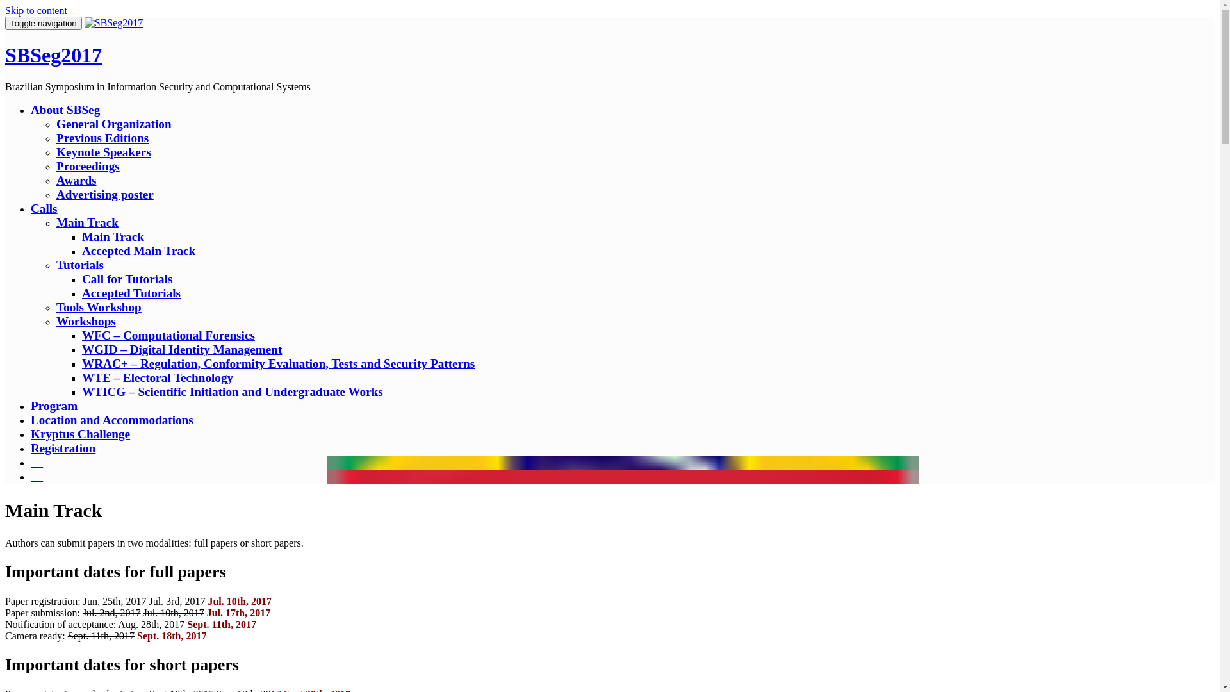  Describe the element at coordinates (44, 208) in the screenshot. I see `'Calls'` at that location.